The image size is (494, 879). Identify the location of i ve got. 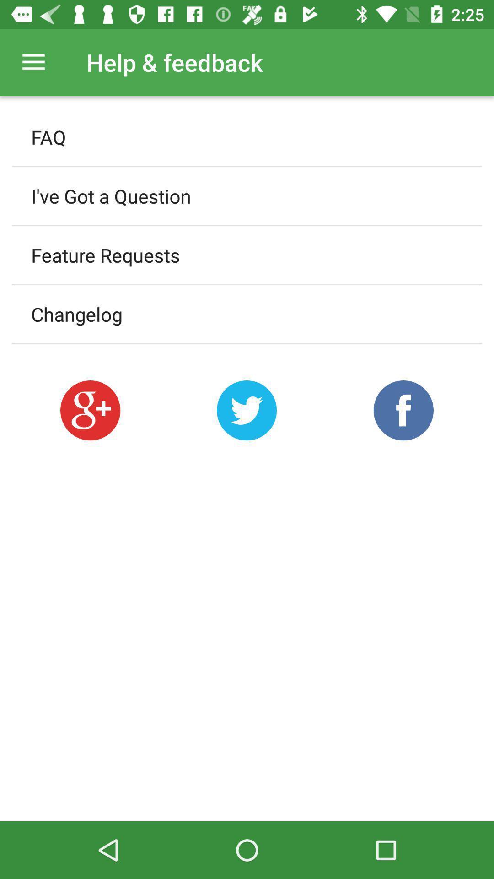
(247, 195).